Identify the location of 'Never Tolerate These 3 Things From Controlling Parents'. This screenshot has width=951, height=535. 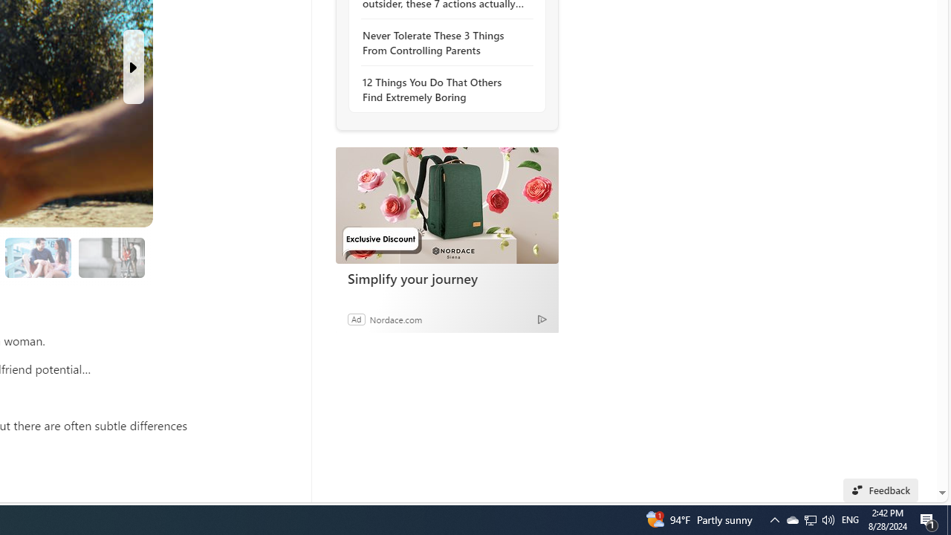
(442, 42).